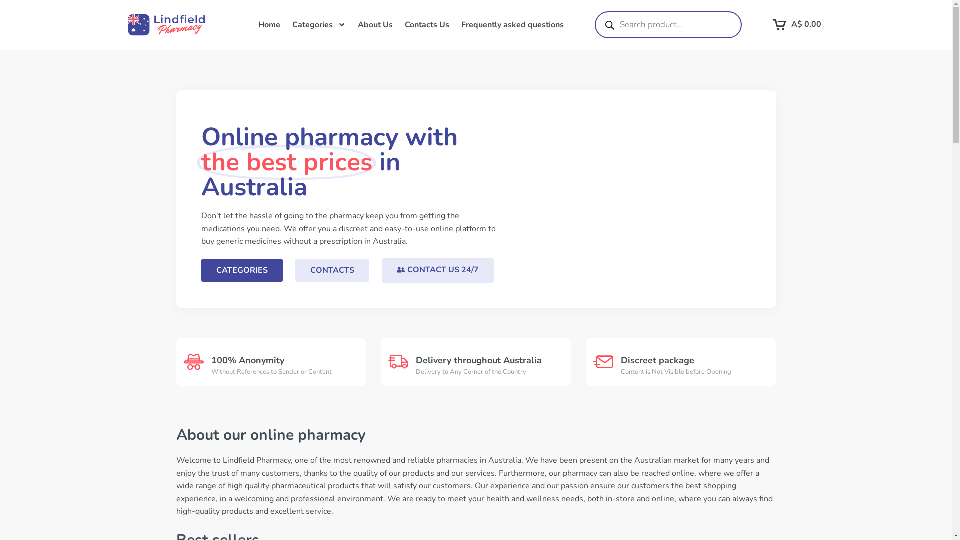 The width and height of the screenshot is (960, 540). Describe the element at coordinates (512, 24) in the screenshot. I see `'Frequently asked questions'` at that location.